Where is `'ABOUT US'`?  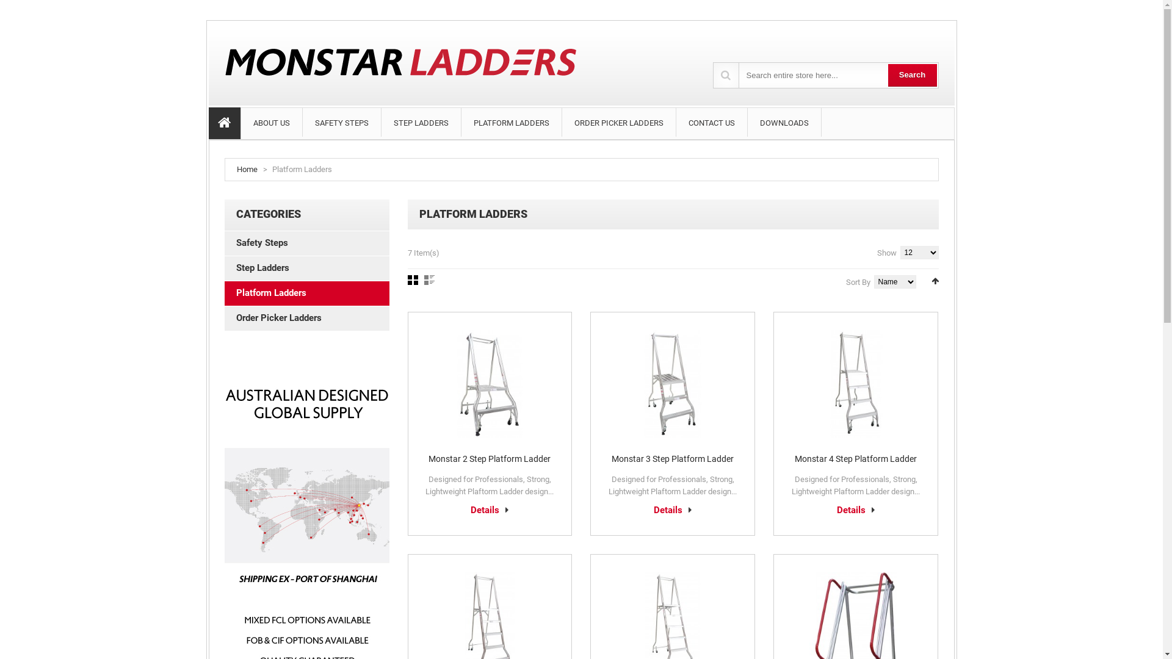
'ABOUT US' is located at coordinates (270, 122).